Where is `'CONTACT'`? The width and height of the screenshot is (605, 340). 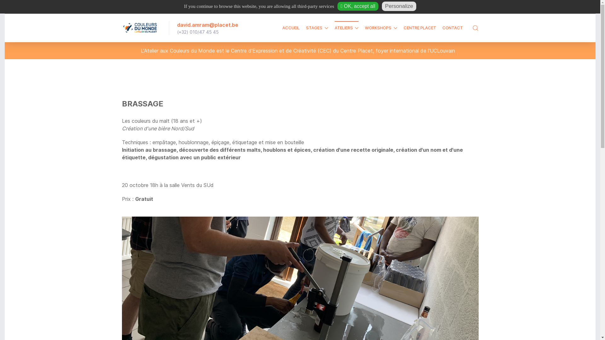 'CONTACT' is located at coordinates (442, 27).